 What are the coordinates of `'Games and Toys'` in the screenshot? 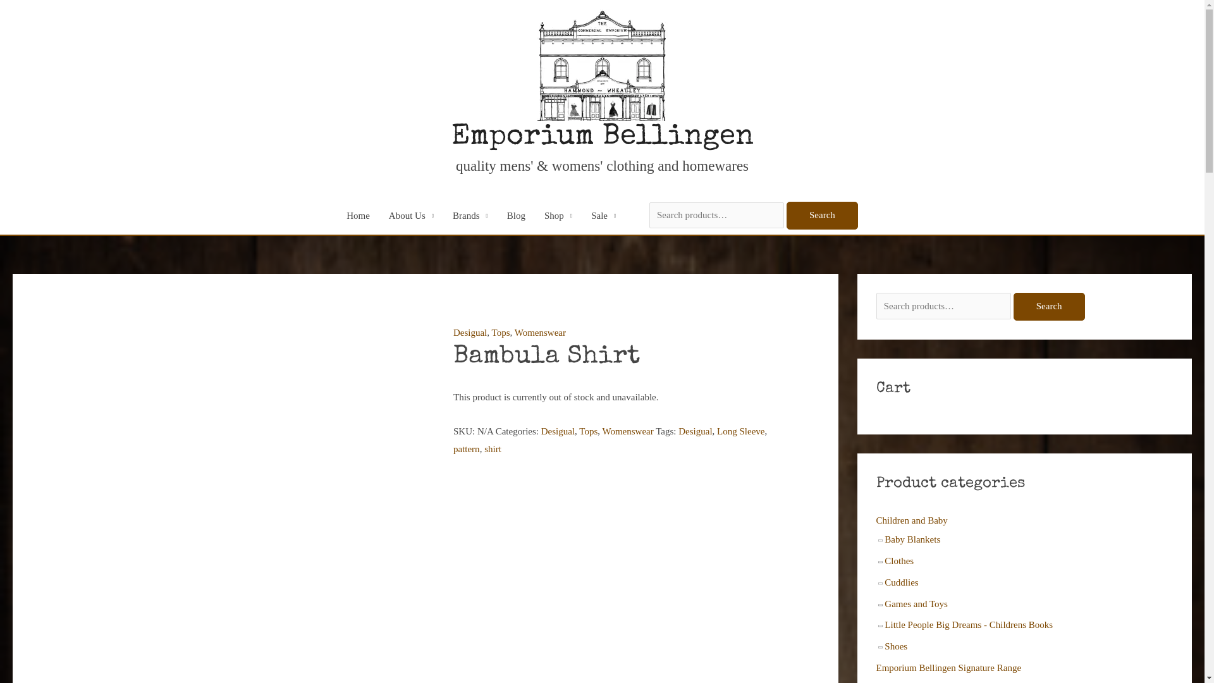 It's located at (916, 603).